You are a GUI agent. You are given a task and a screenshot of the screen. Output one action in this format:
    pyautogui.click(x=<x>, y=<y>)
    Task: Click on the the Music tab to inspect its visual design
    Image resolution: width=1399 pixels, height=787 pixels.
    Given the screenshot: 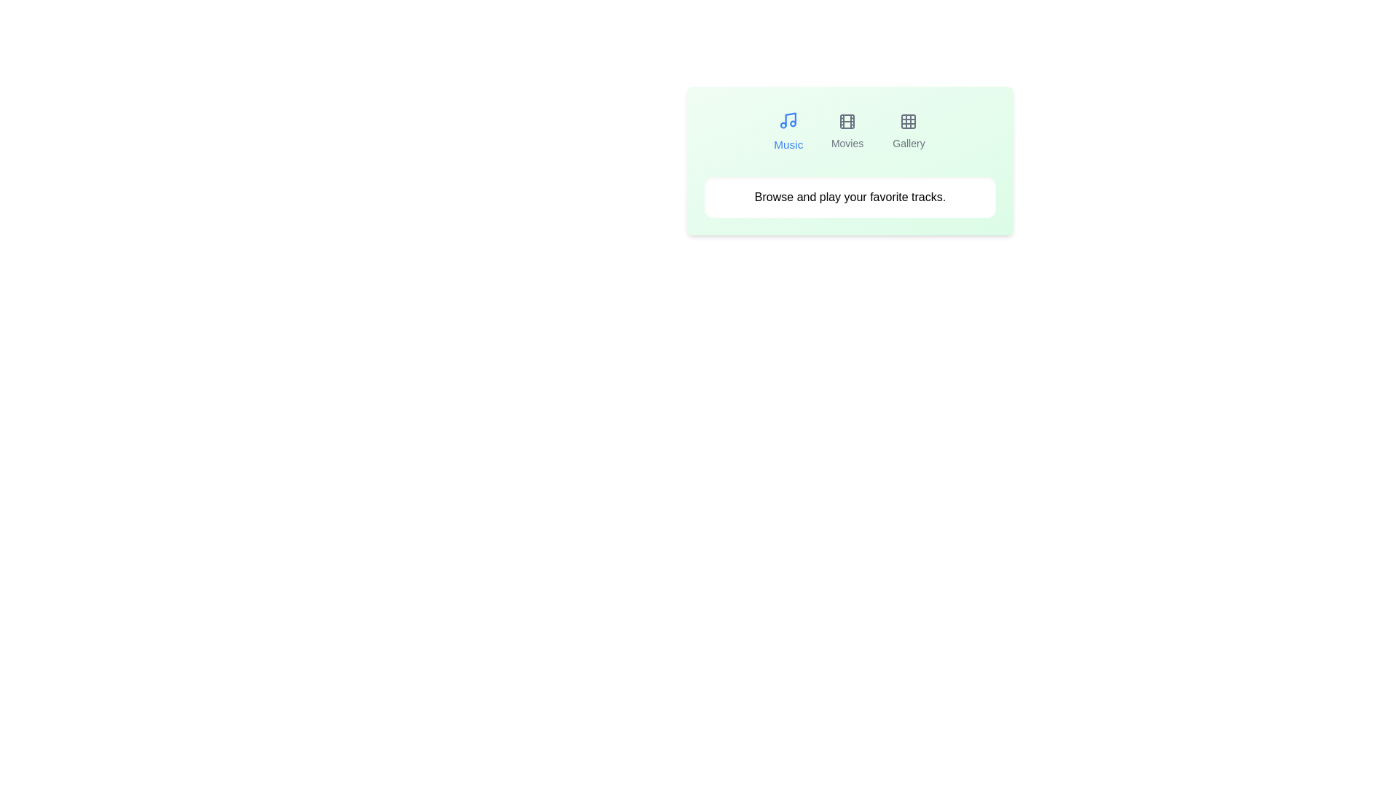 What is the action you would take?
    pyautogui.click(x=788, y=132)
    